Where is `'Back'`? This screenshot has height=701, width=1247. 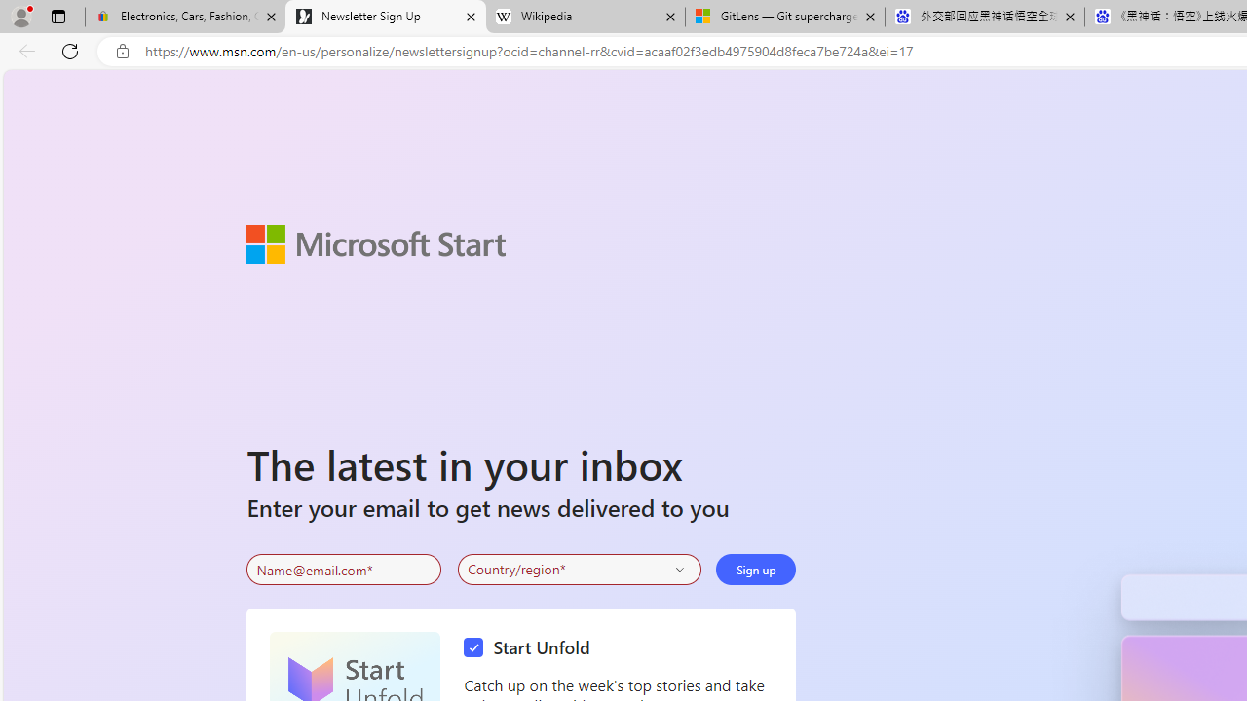
'Back' is located at coordinates (23, 50).